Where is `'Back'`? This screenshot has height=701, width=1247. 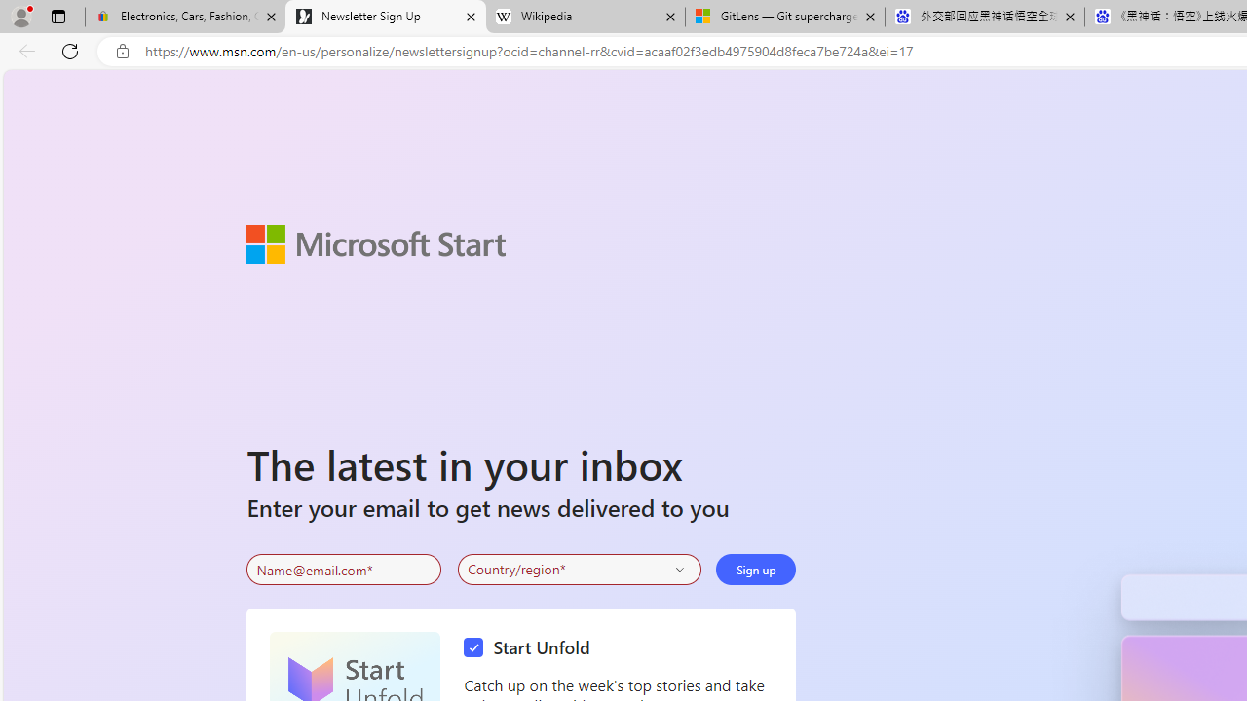
'Back' is located at coordinates (23, 50).